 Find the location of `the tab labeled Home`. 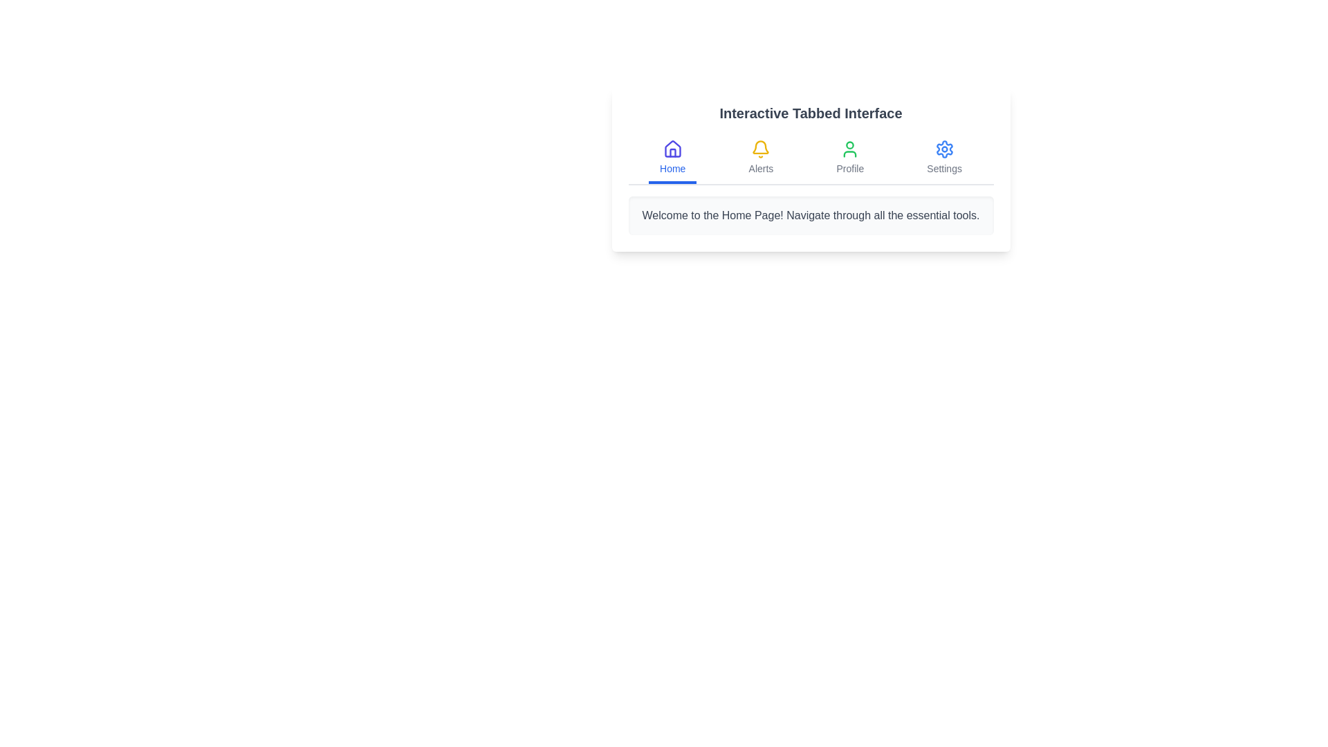

the tab labeled Home is located at coordinates (672, 158).